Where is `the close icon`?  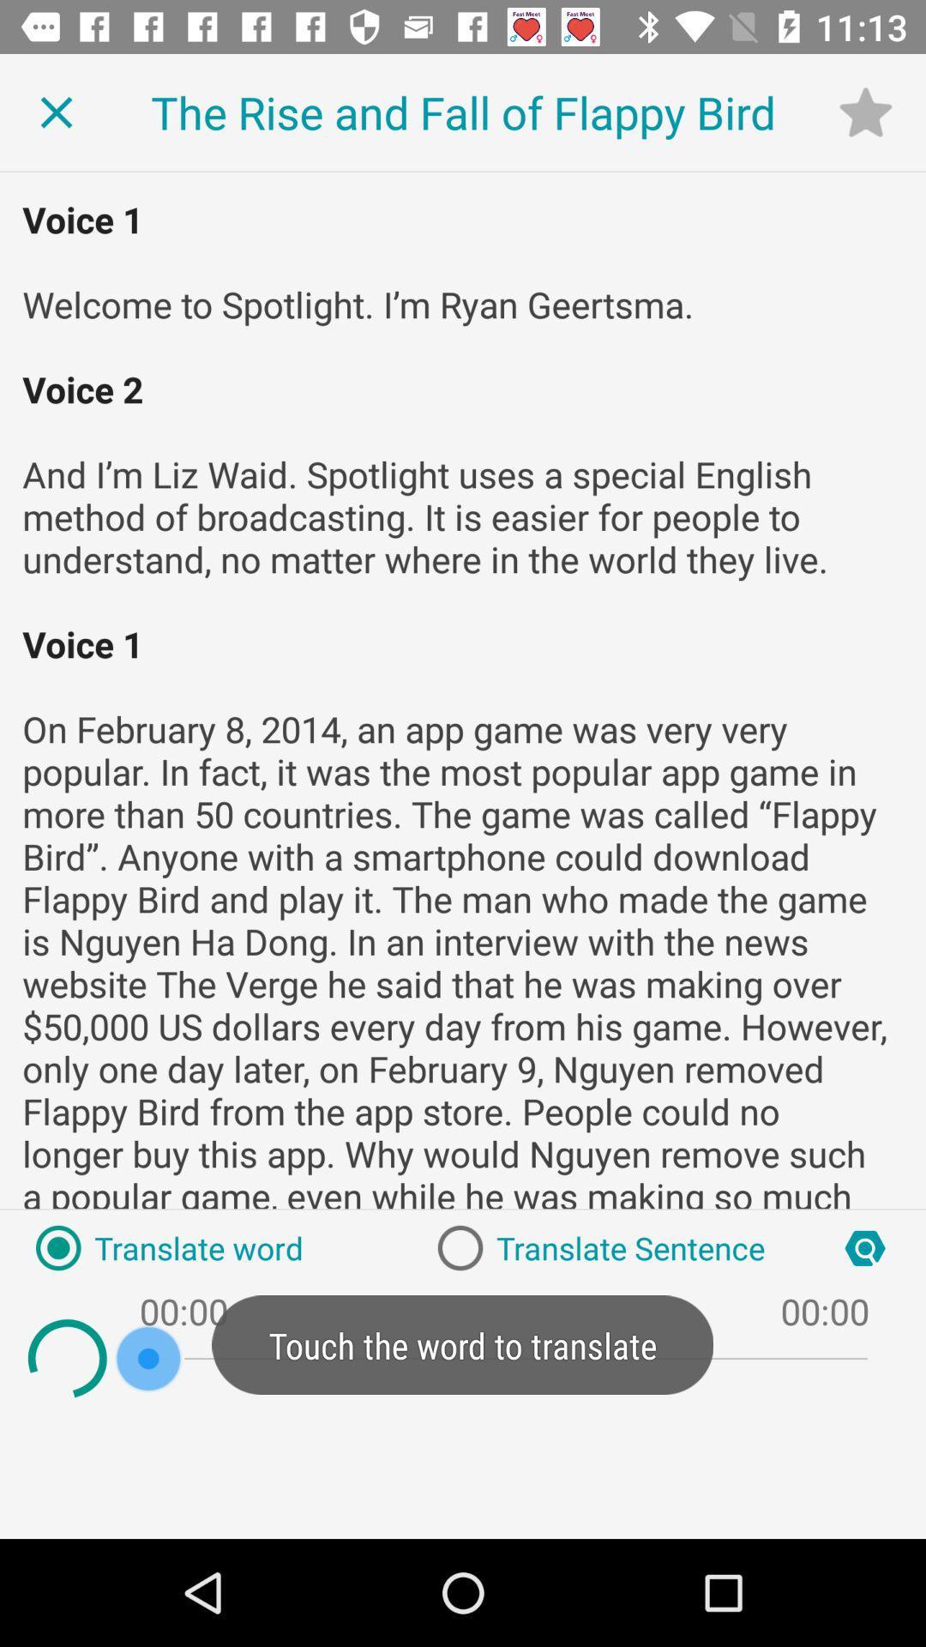 the close icon is located at coordinates (55, 112).